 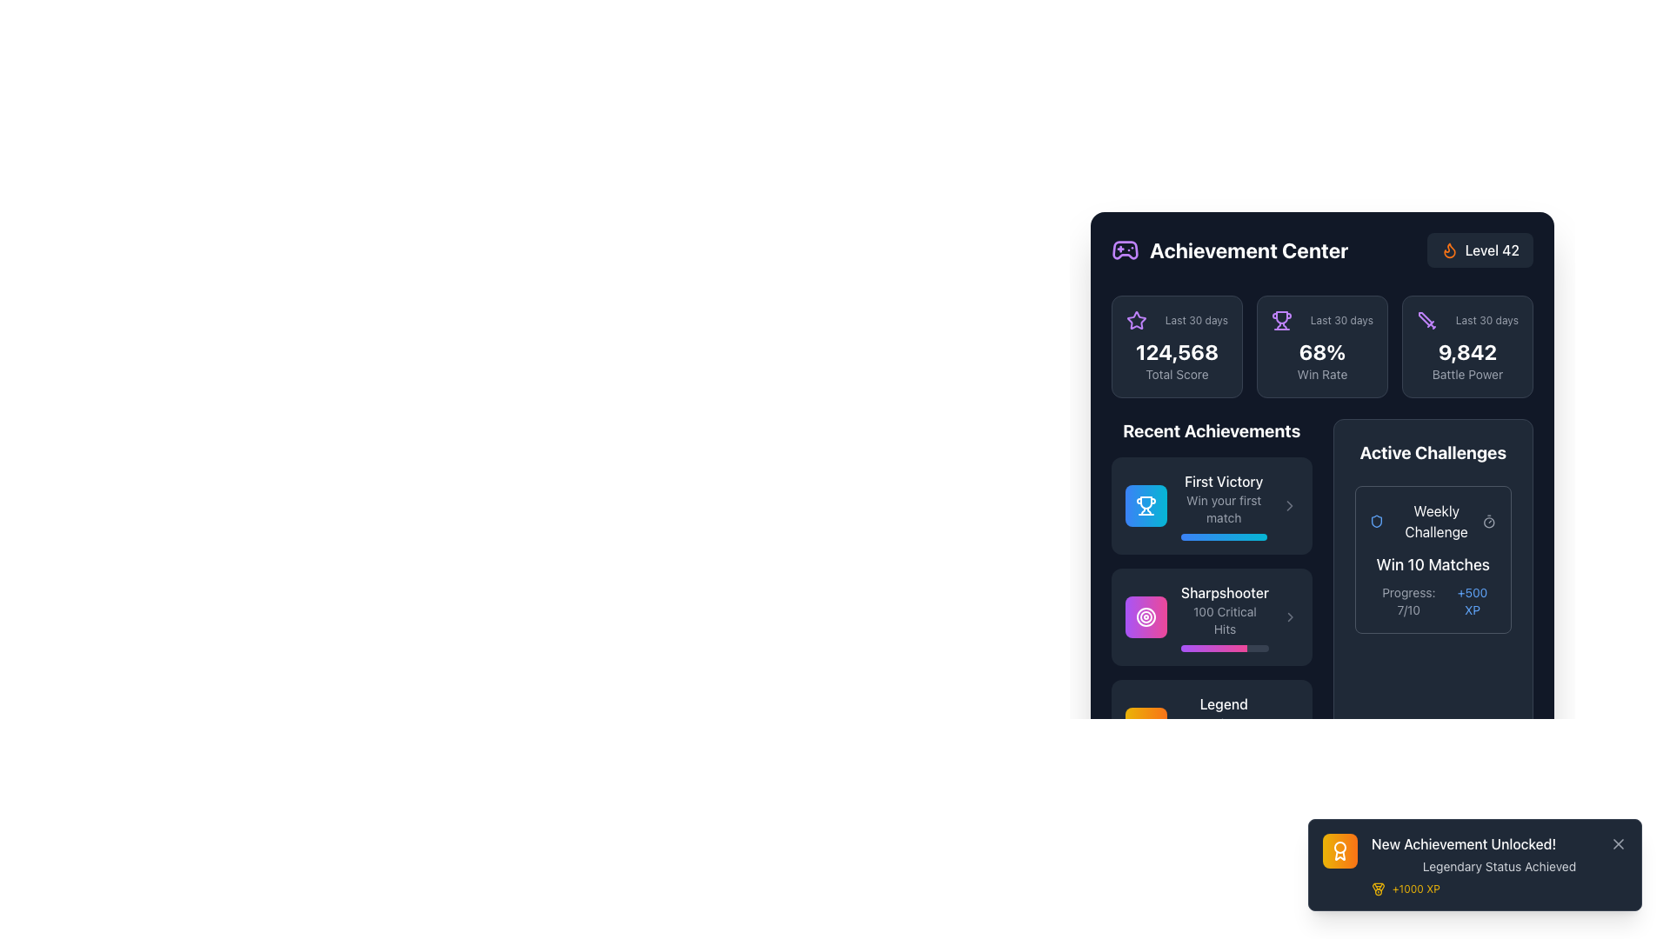 What do you see at coordinates (1488, 521) in the screenshot?
I see `the timer icon located on the right-hand side of the 'Active Challenges' section, next to the 'Weekly Challenge' text, serving as a visual cue` at bounding box center [1488, 521].